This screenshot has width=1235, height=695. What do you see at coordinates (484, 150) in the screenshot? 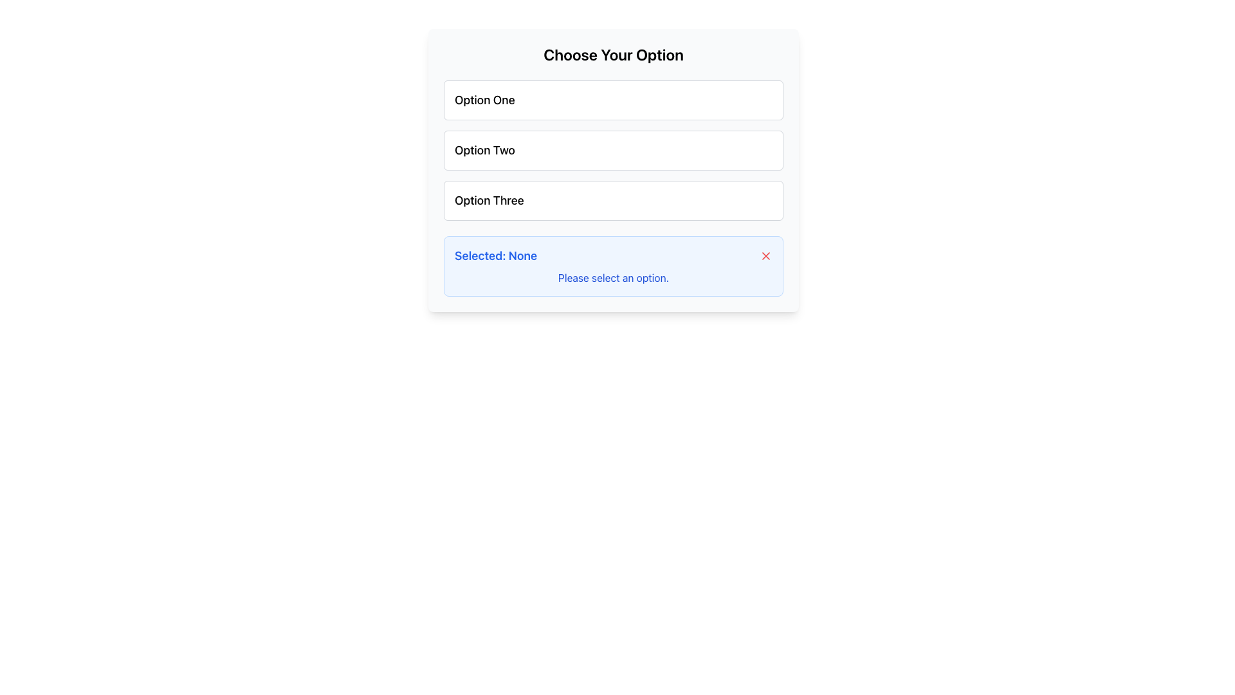
I see `the 'Option Two' text label, which is the second option in a vertical list and styled as a clickable button` at bounding box center [484, 150].